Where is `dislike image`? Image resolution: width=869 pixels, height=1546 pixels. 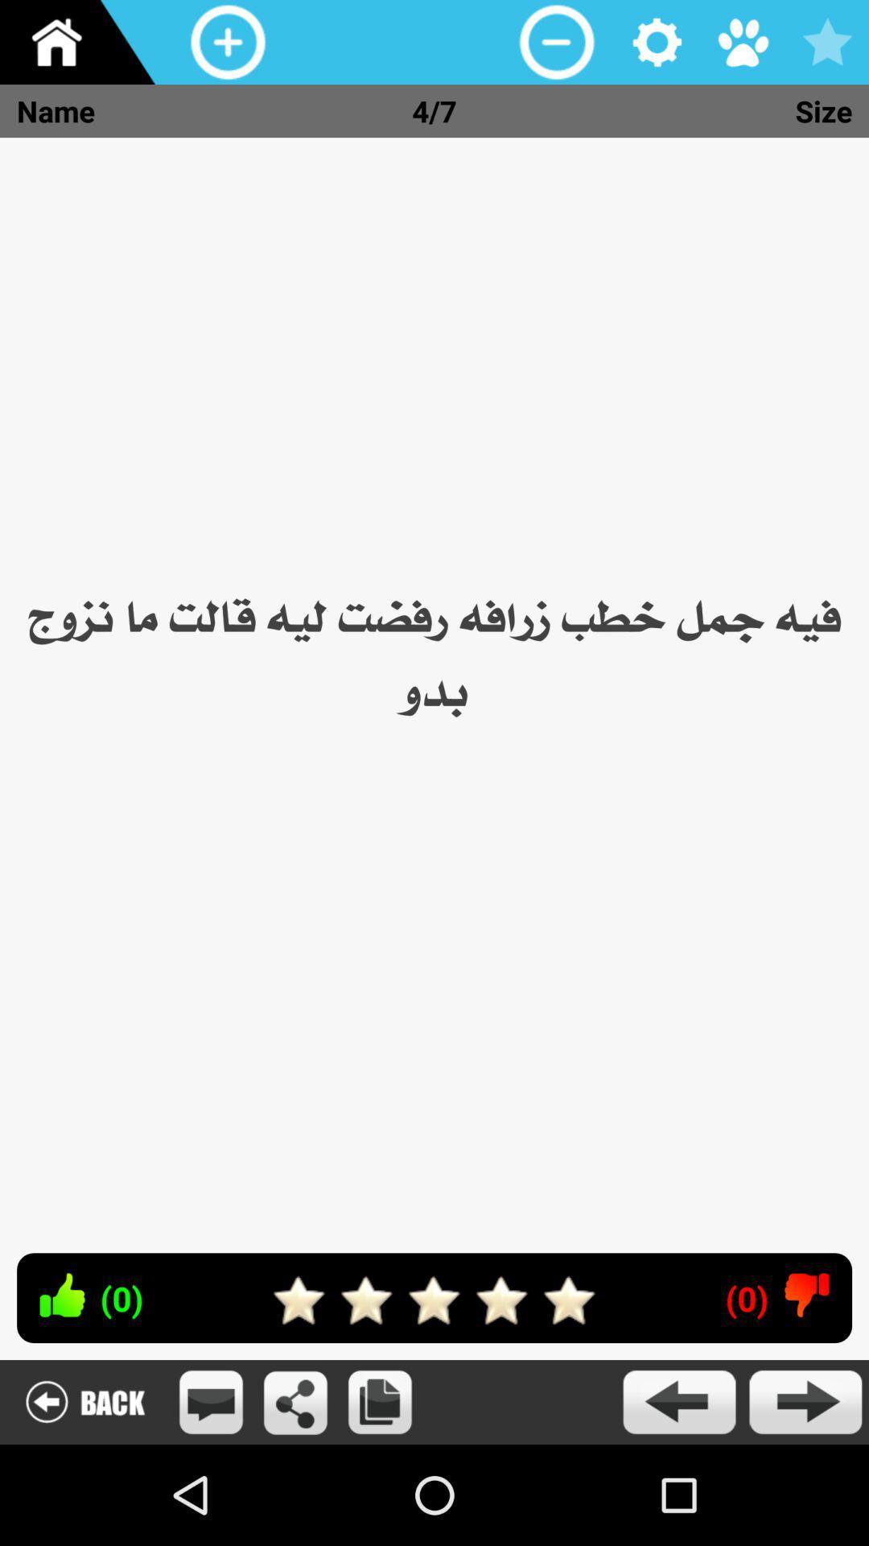 dislike image is located at coordinates (807, 1295).